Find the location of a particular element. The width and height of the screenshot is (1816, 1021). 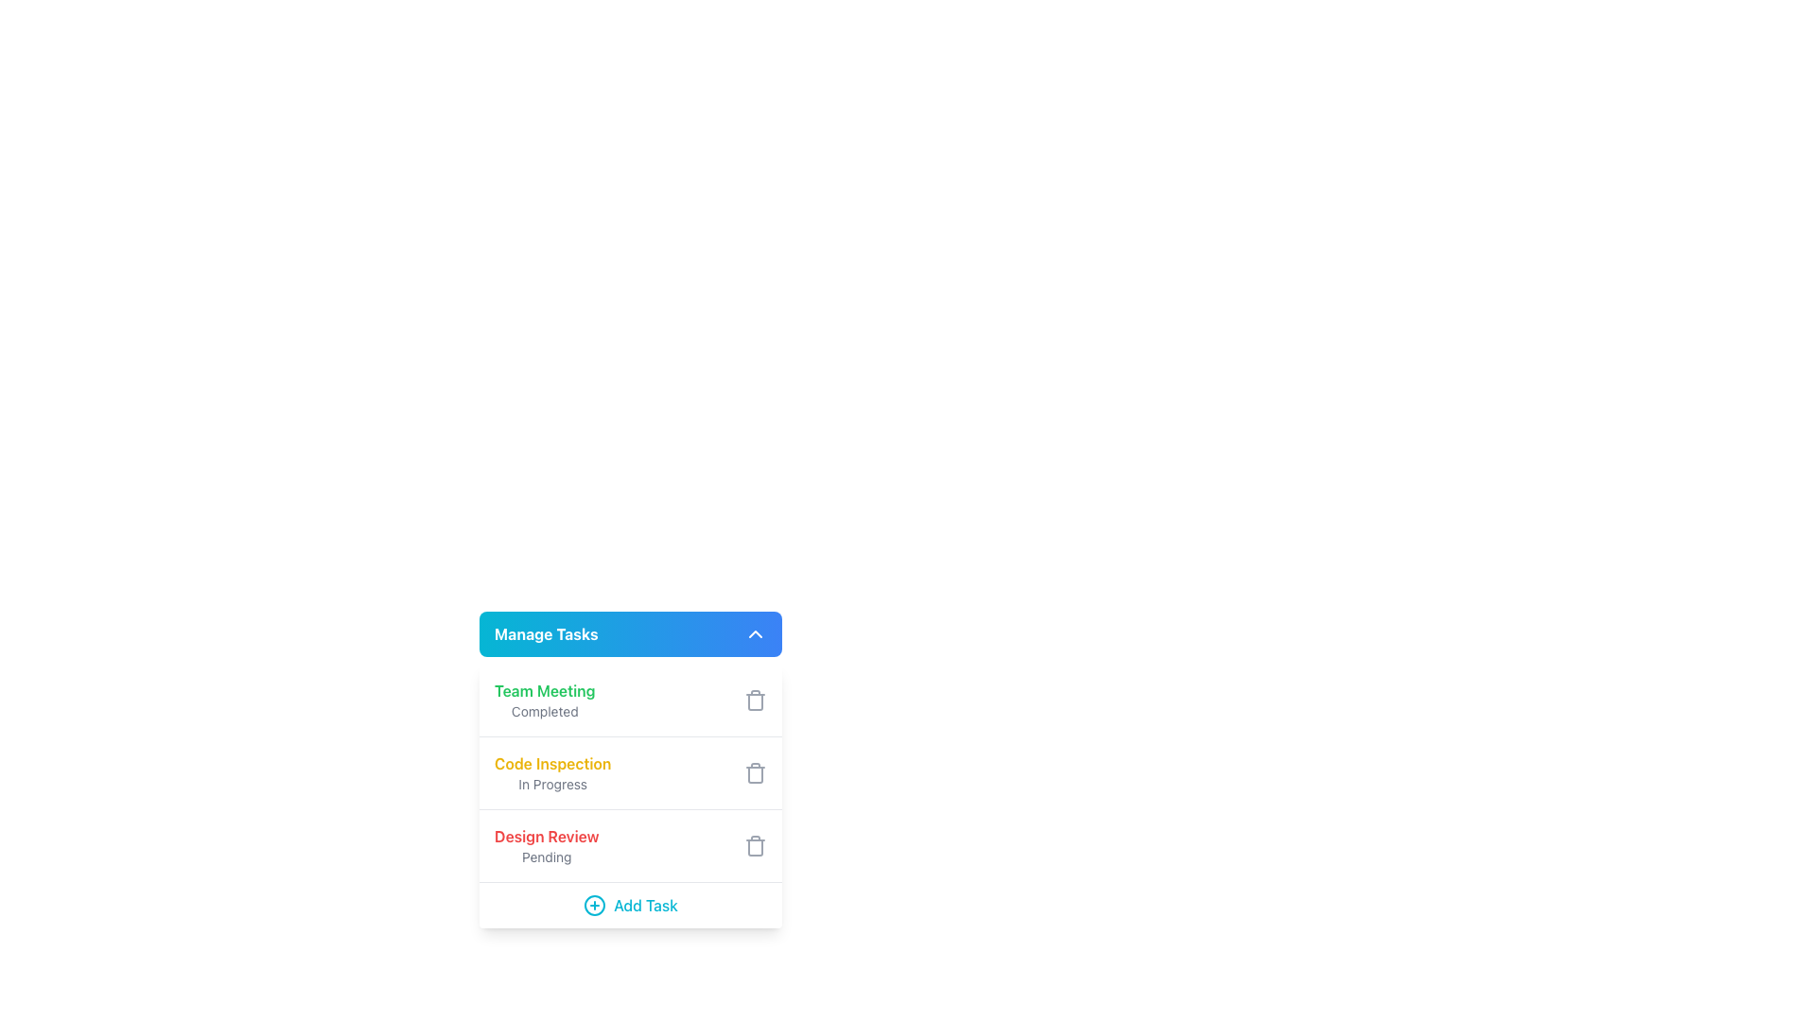

the text label displaying 'In Progress' which is located below the title 'Code Inspection' in the task management component is located at coordinates (551, 784).